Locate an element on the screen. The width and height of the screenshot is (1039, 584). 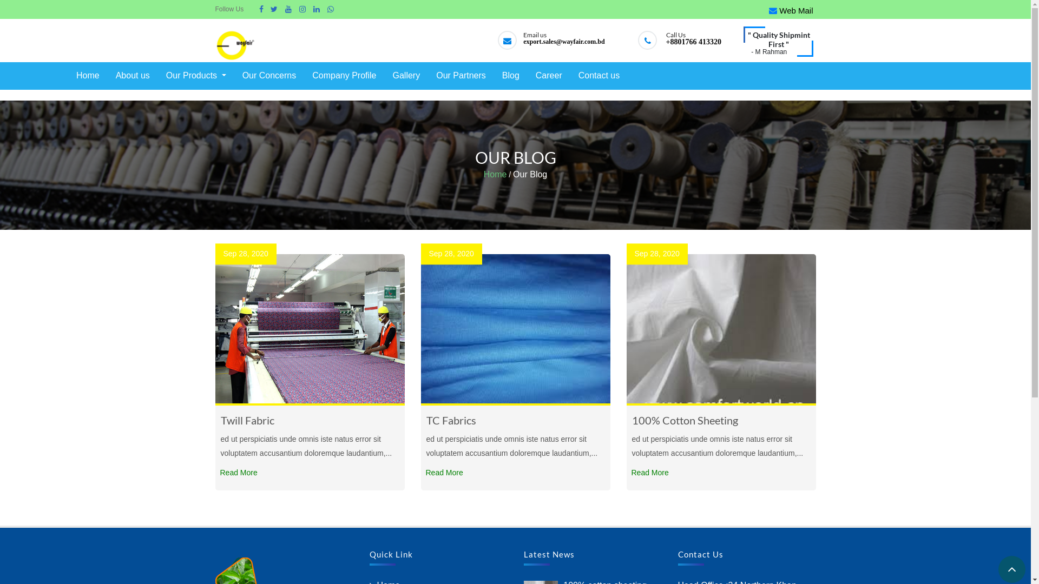
'Career' is located at coordinates (549, 75).